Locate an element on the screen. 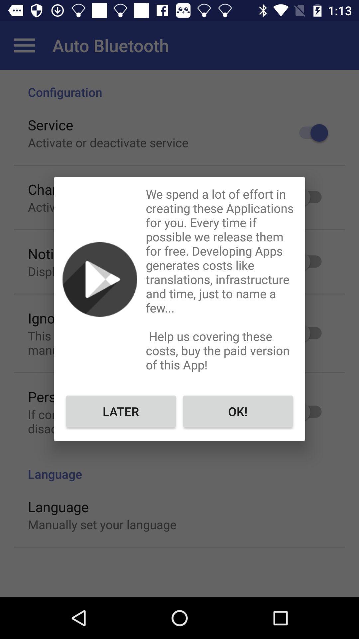  button next to ok! item is located at coordinates (121, 411).